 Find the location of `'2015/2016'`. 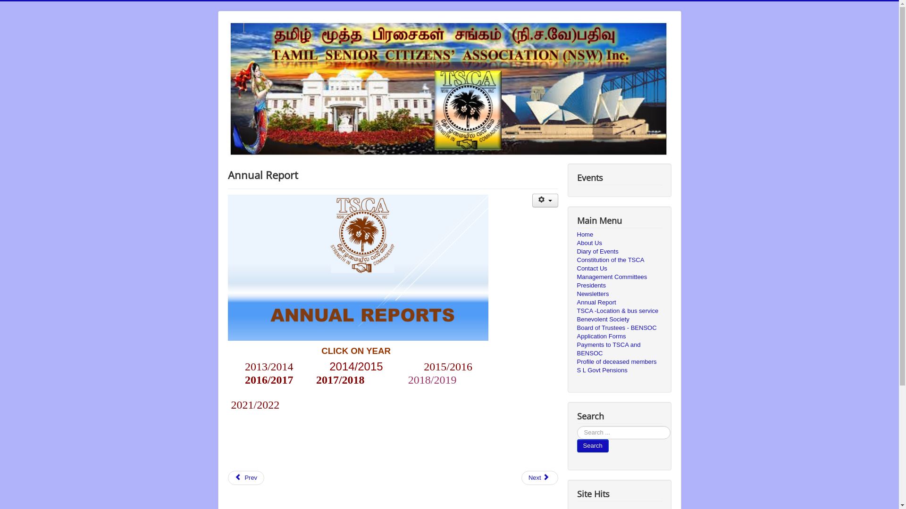

'2015/2016' is located at coordinates (447, 366).